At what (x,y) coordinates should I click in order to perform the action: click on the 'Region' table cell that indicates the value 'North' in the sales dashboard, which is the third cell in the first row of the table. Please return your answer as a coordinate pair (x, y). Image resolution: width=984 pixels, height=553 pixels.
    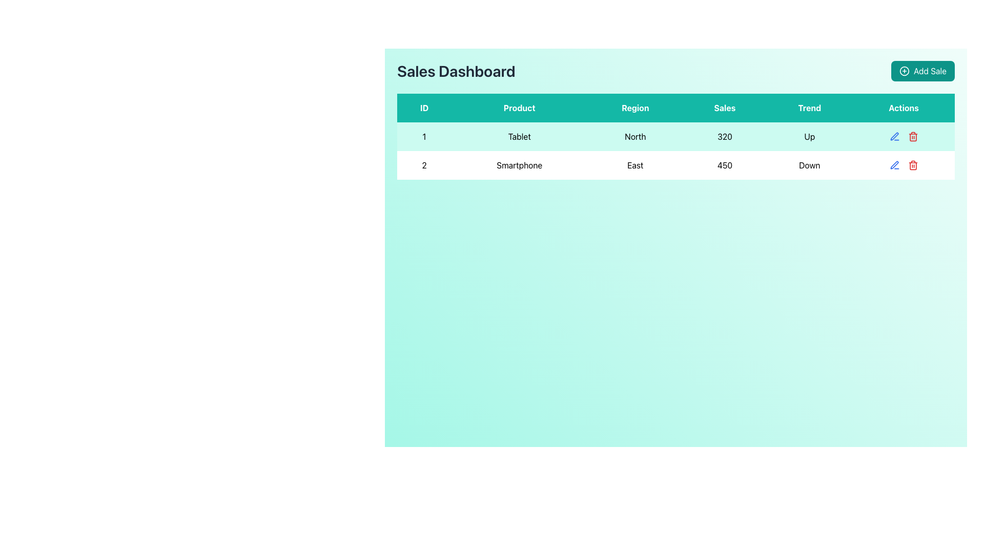
    Looking at the image, I should click on (634, 136).